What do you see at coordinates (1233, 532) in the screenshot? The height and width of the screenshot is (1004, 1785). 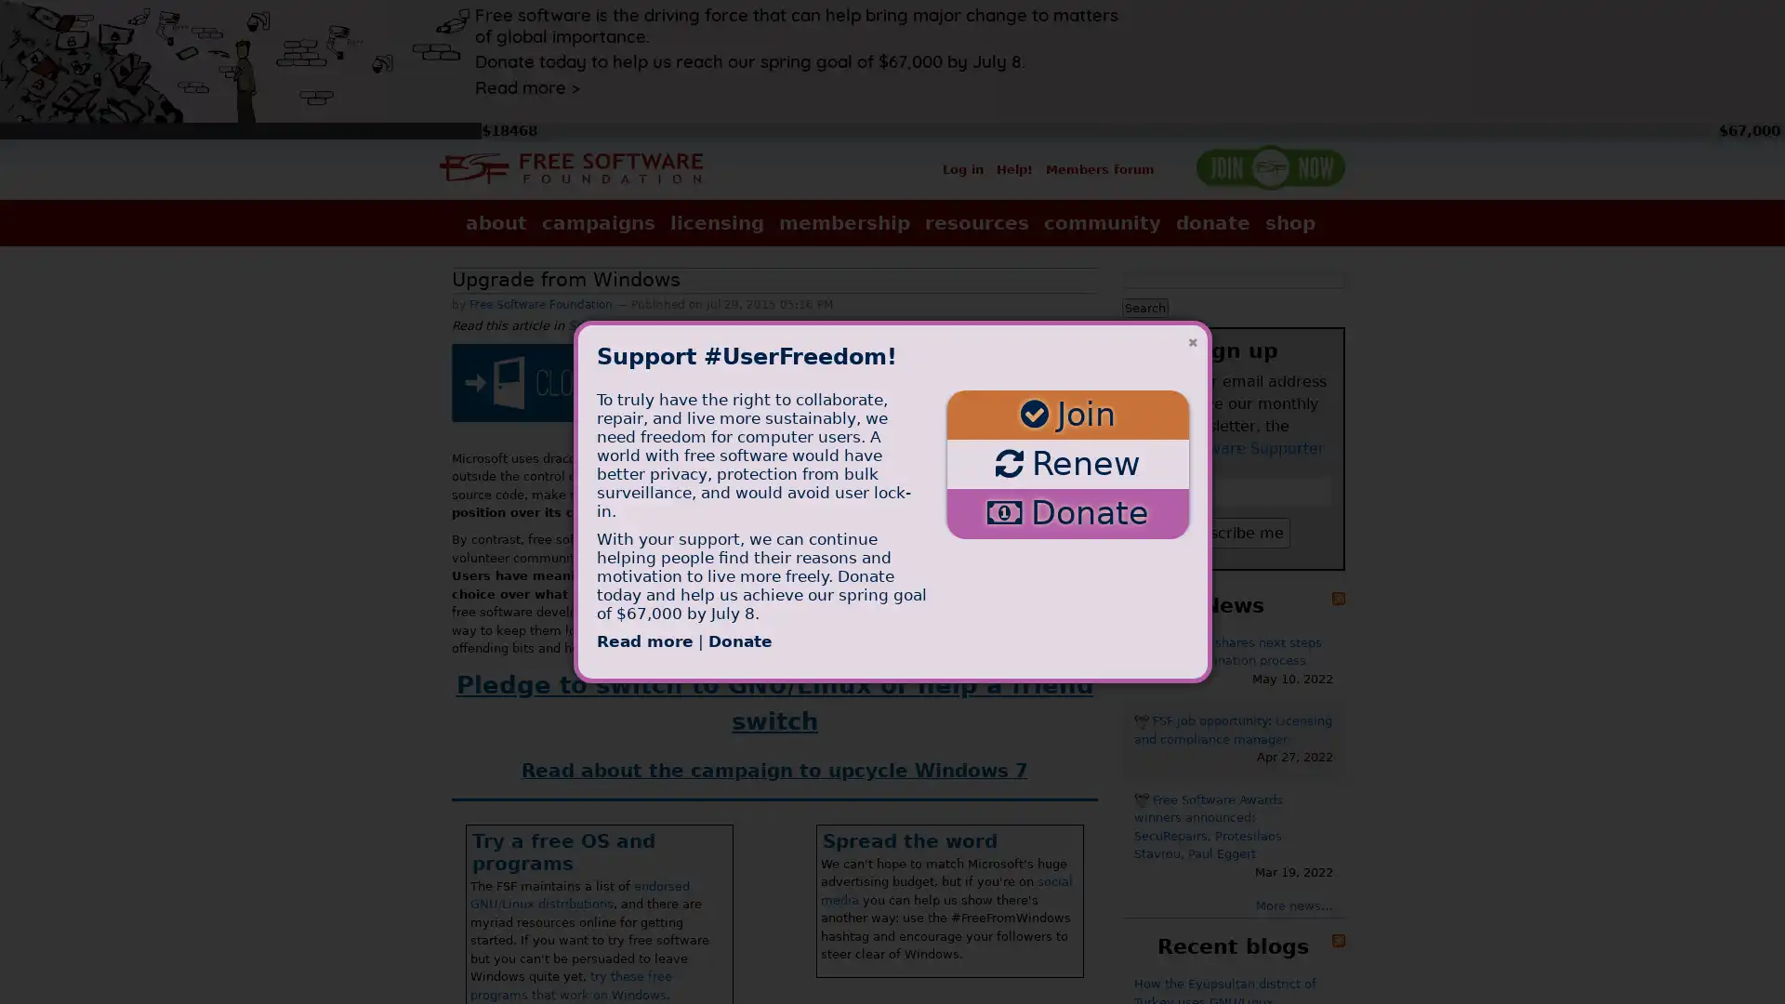 I see `Subscribe me` at bounding box center [1233, 532].